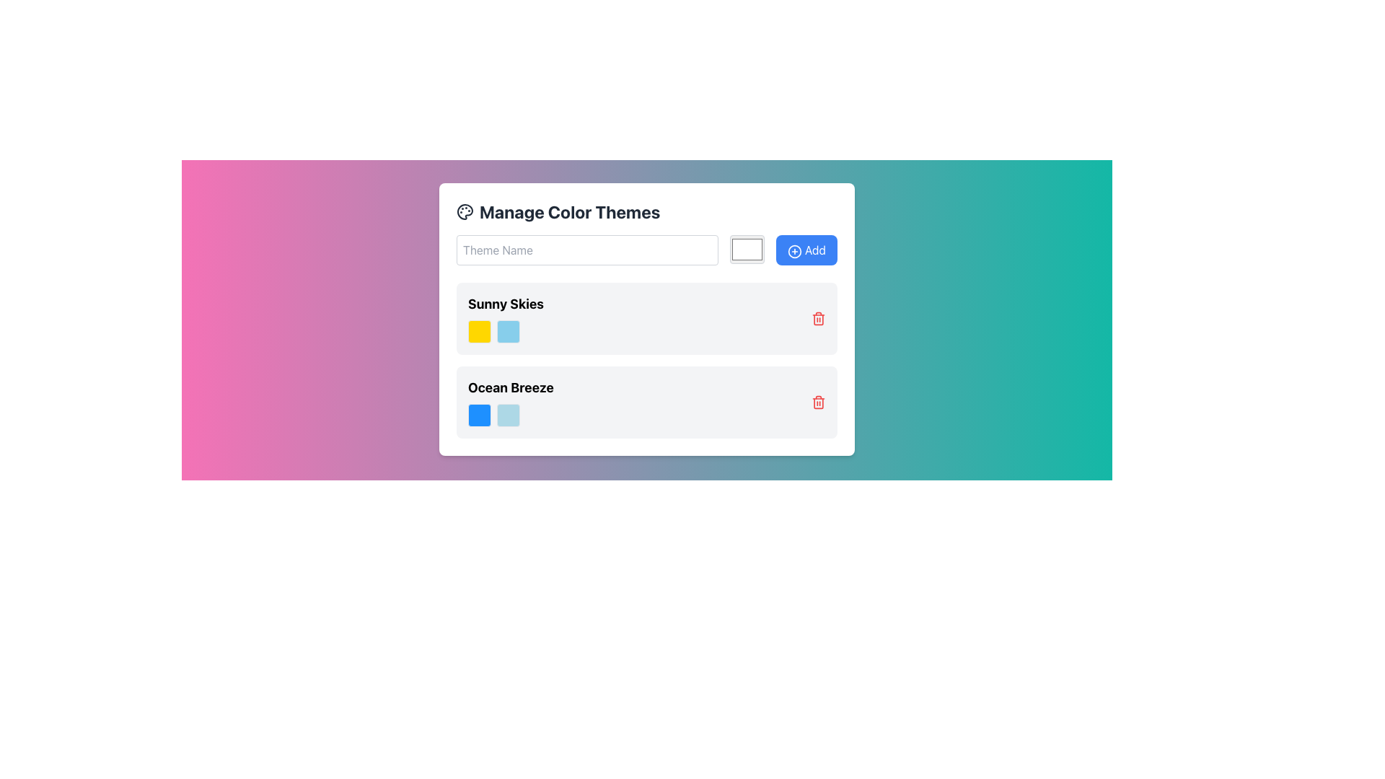 This screenshot has height=779, width=1385. What do you see at coordinates (793, 250) in the screenshot?
I see `the circular icon with a plus sign (+) inside, located within the blue 'Add' button at the top-right section of the card to initiate the add functionality` at bounding box center [793, 250].